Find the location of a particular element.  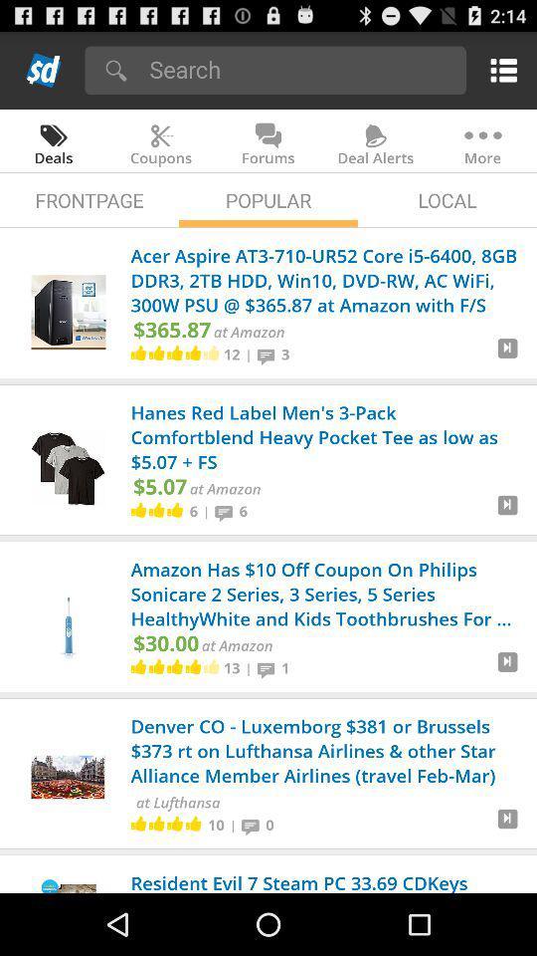

icon next to | app is located at coordinates (226, 510).